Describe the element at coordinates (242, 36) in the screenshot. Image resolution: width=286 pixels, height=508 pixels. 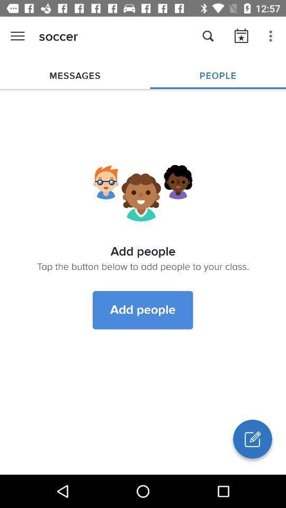
I see `icon right to search icon` at that location.